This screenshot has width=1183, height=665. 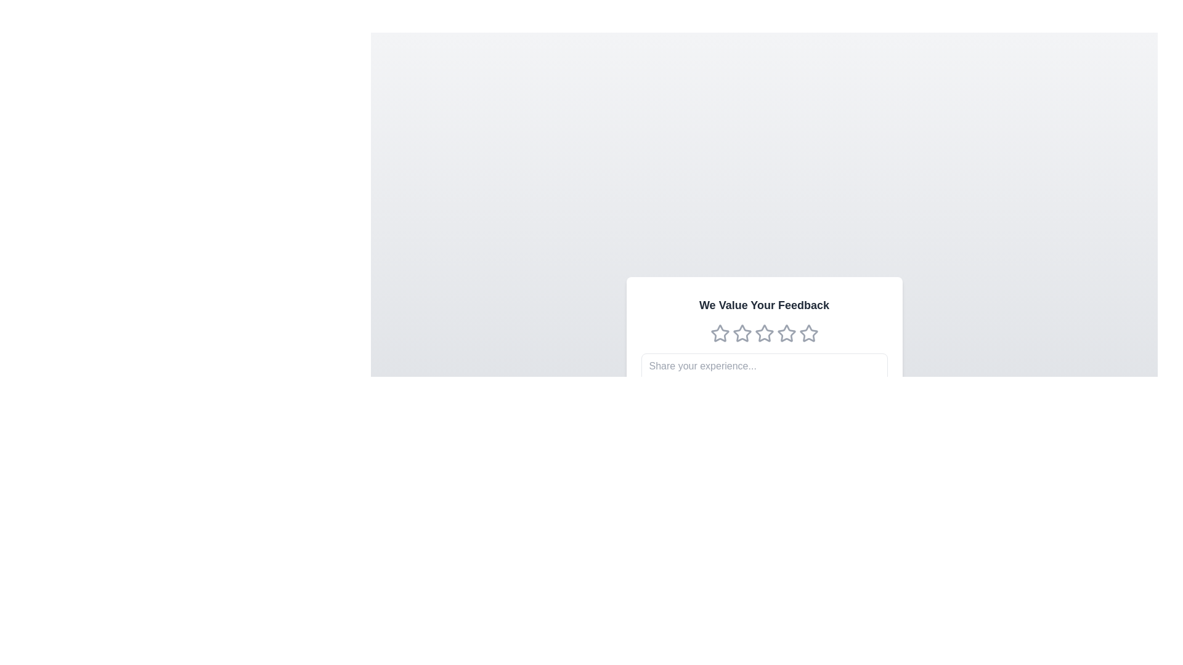 What do you see at coordinates (741, 334) in the screenshot?
I see `the third star-shaped icon with a gray outline in the feedback component` at bounding box center [741, 334].